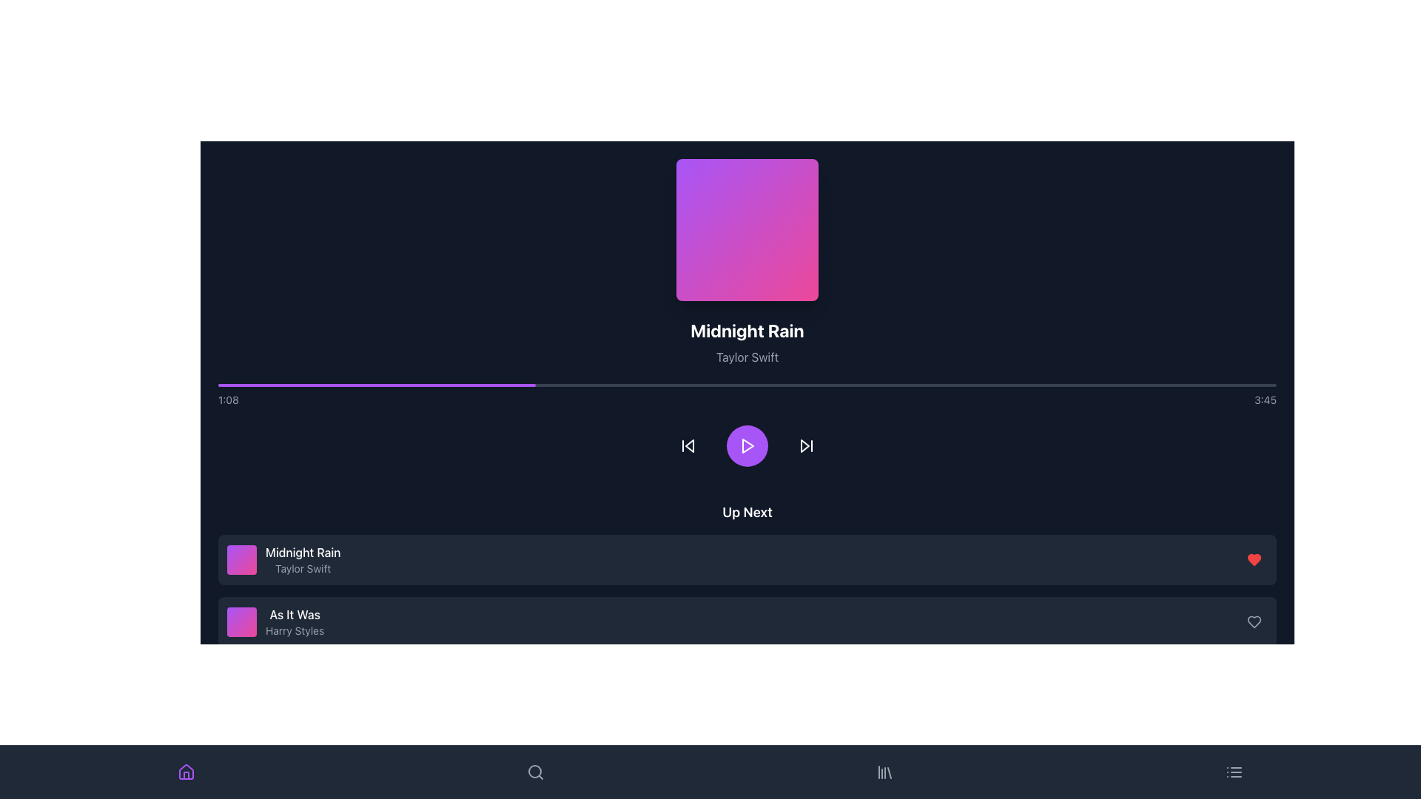  I want to click on the progress bar, so click(440, 384).